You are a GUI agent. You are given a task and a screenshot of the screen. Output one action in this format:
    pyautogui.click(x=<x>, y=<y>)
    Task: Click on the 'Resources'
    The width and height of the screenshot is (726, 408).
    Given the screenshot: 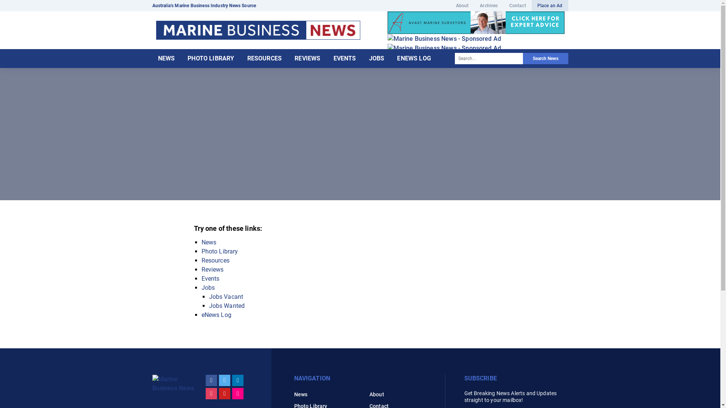 What is the action you would take?
    pyautogui.click(x=201, y=260)
    